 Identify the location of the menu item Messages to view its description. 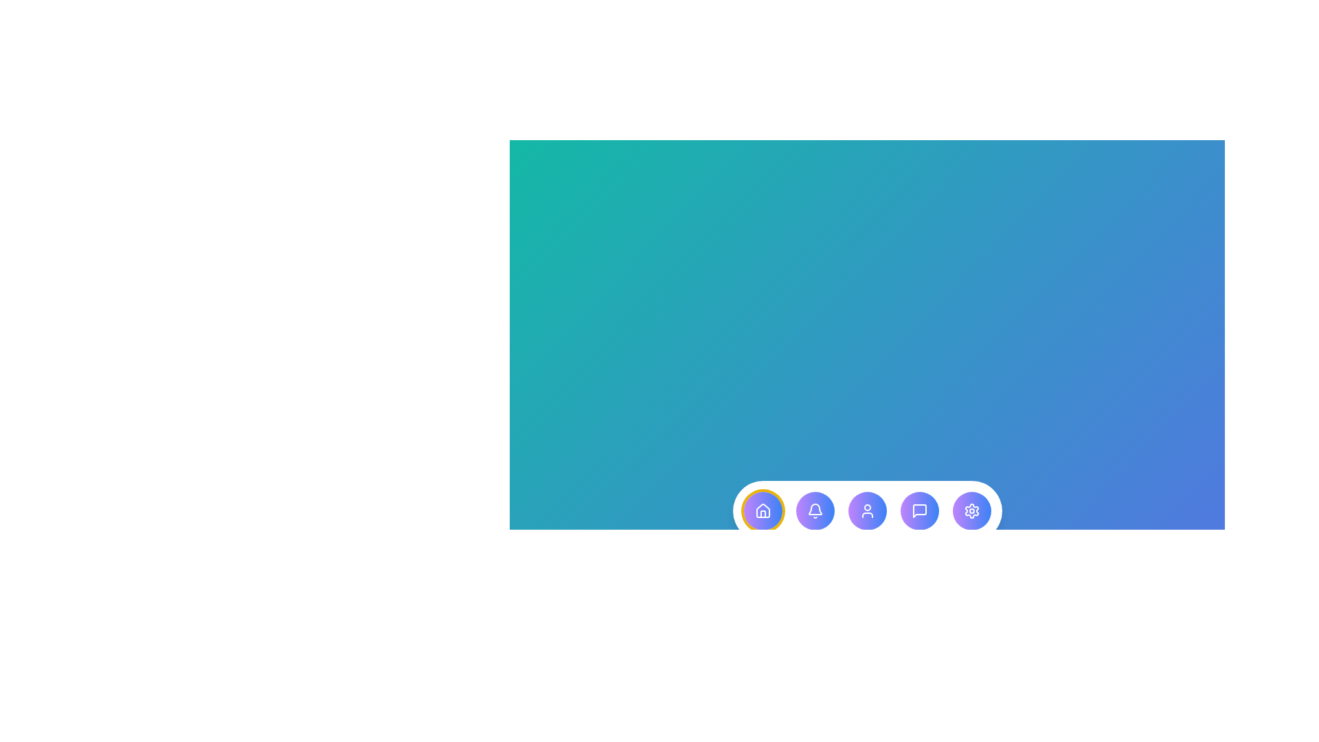
(919, 511).